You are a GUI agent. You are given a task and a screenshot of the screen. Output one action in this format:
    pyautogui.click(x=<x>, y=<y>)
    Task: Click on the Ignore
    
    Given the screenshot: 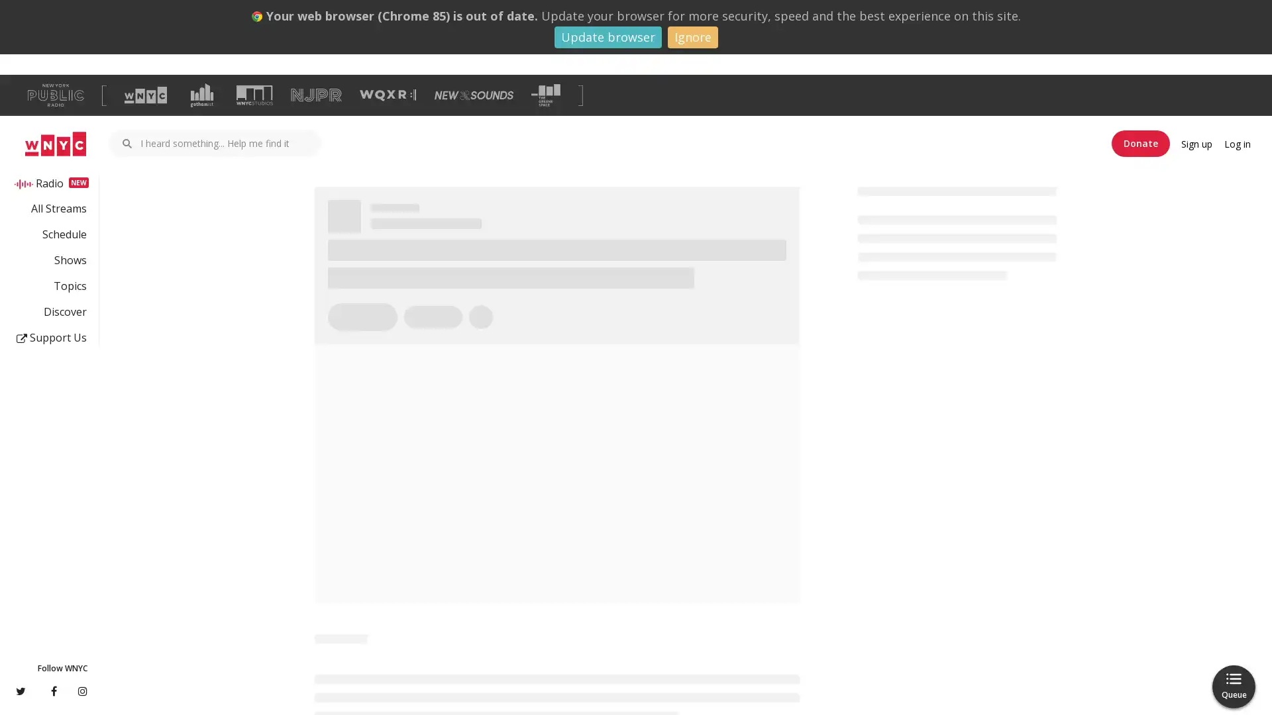 What is the action you would take?
    pyautogui.click(x=692, y=36)
    